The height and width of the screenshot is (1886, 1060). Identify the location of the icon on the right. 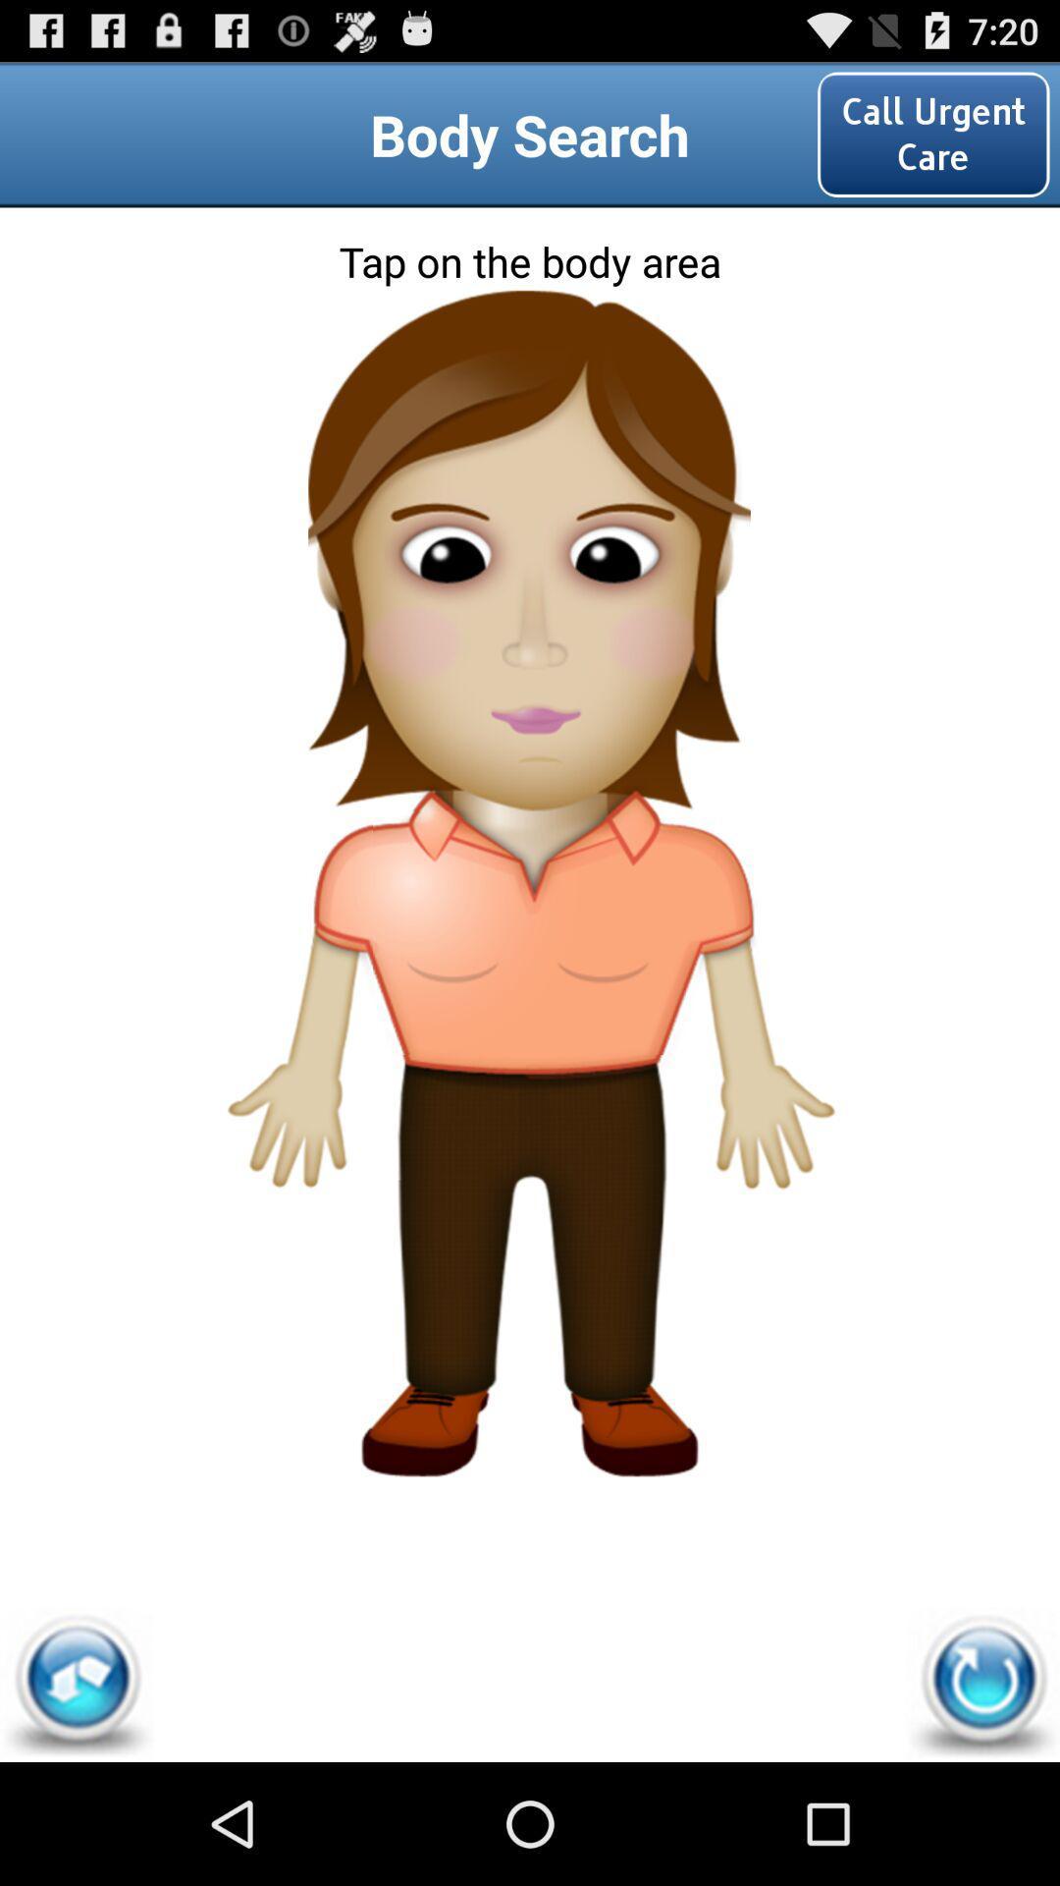
(760, 1000).